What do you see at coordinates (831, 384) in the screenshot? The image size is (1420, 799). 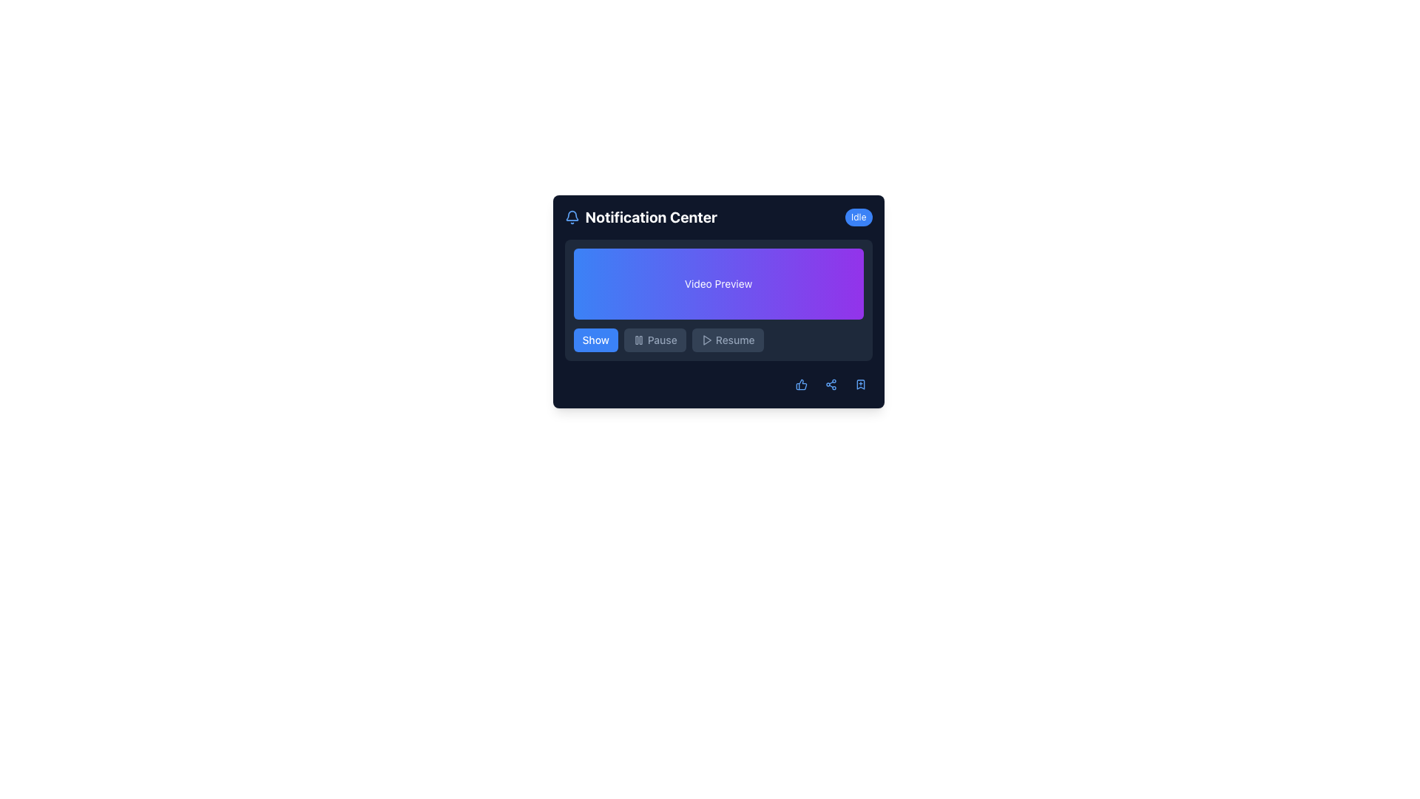 I see `the circular share icon button with a blue tone located in the footer section of the panel, which is the second button from the right in the button group` at bounding box center [831, 384].